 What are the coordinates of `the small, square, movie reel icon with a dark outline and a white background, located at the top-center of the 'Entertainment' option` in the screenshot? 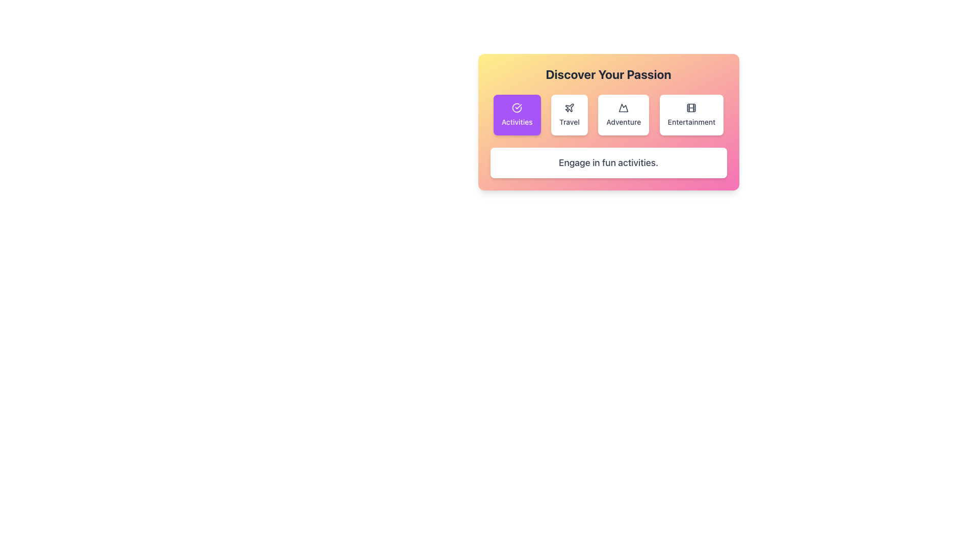 It's located at (691, 108).